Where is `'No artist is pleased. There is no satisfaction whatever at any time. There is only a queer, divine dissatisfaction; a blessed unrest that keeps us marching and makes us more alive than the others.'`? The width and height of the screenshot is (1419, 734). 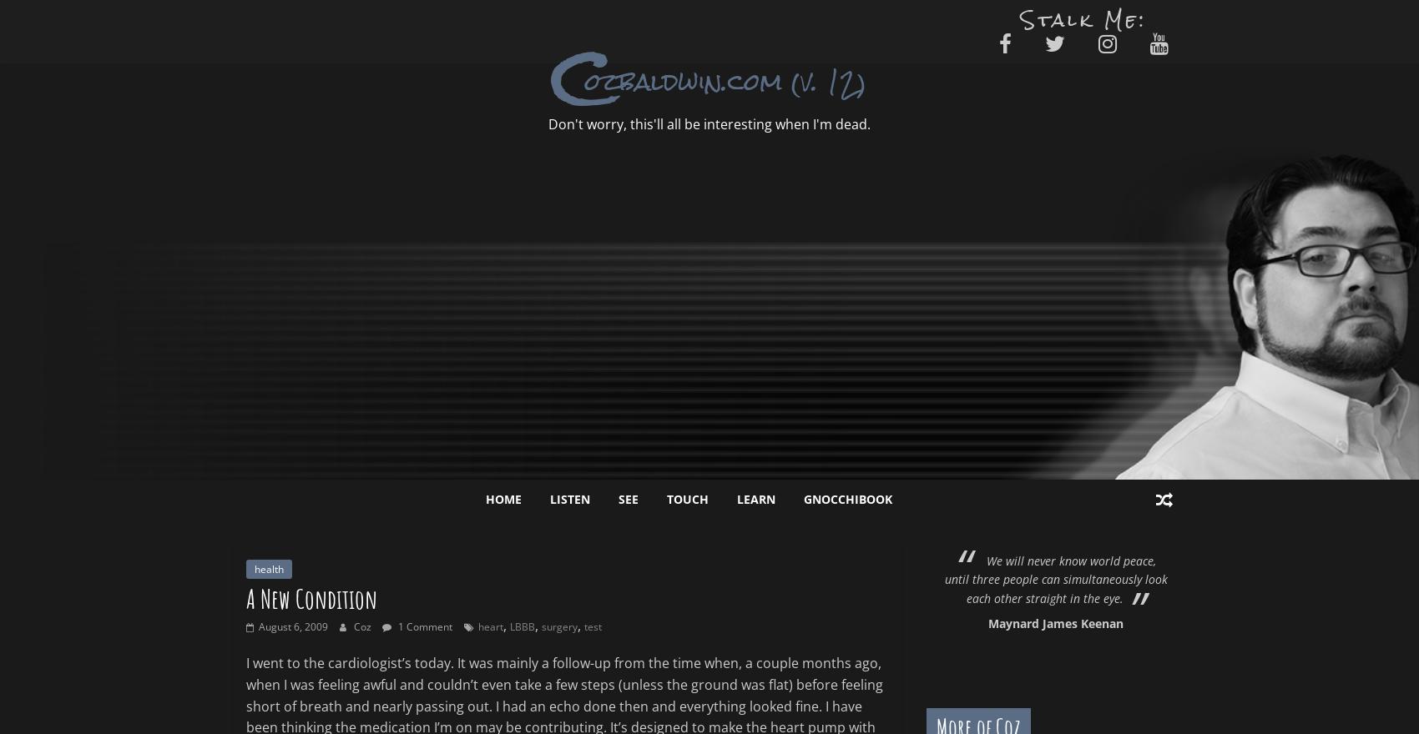
'No artist is pleased. There is no satisfaction whatever at any time. There is only a queer, divine dissatisfaction; a blessed unrest that keeps us marching and makes us more alive than the others.' is located at coordinates (605, 597).